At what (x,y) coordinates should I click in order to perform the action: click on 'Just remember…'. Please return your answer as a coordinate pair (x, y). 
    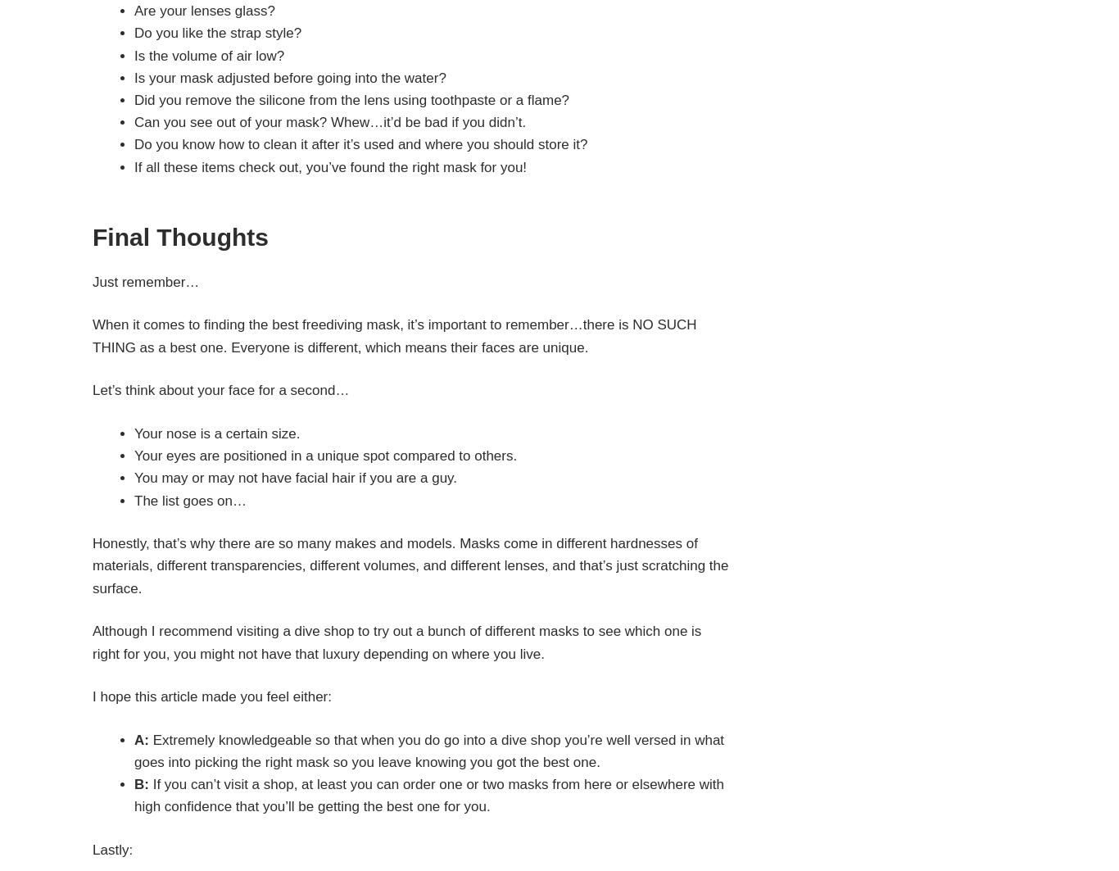
    Looking at the image, I should click on (92, 281).